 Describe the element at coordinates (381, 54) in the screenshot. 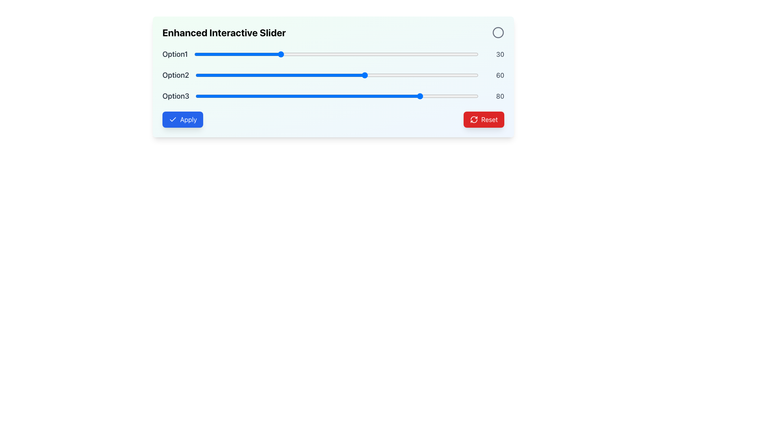

I see `the slider` at that location.